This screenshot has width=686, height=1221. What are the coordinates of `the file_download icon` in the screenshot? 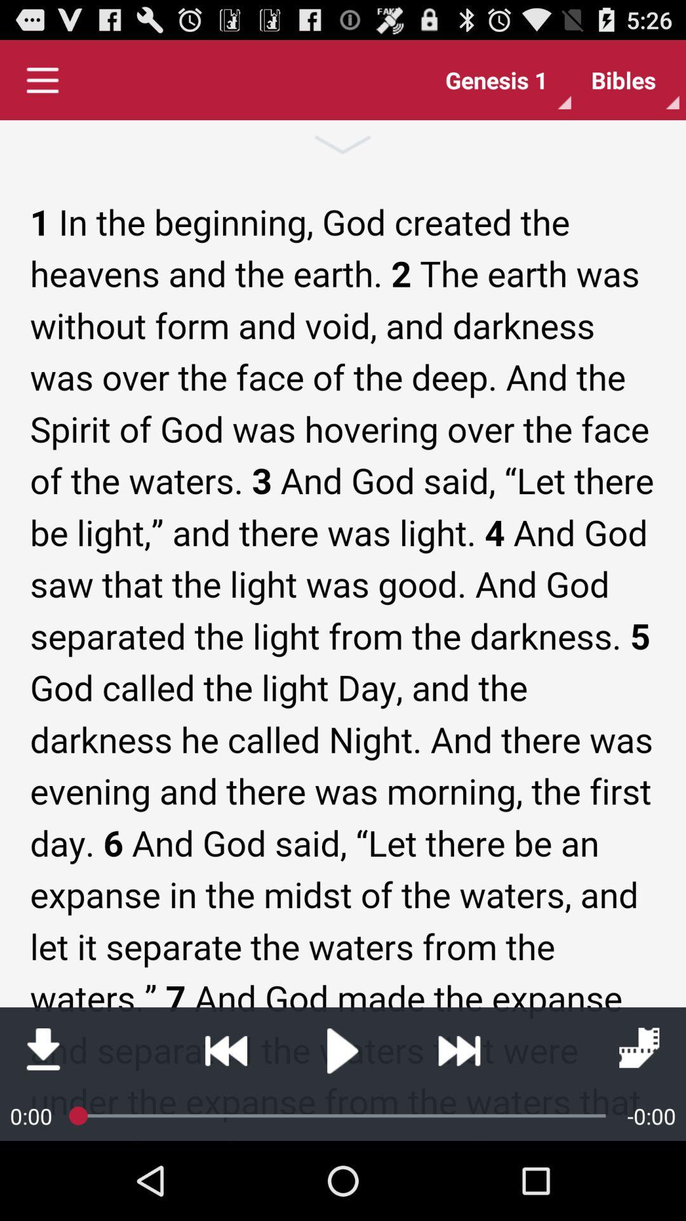 It's located at (43, 1122).